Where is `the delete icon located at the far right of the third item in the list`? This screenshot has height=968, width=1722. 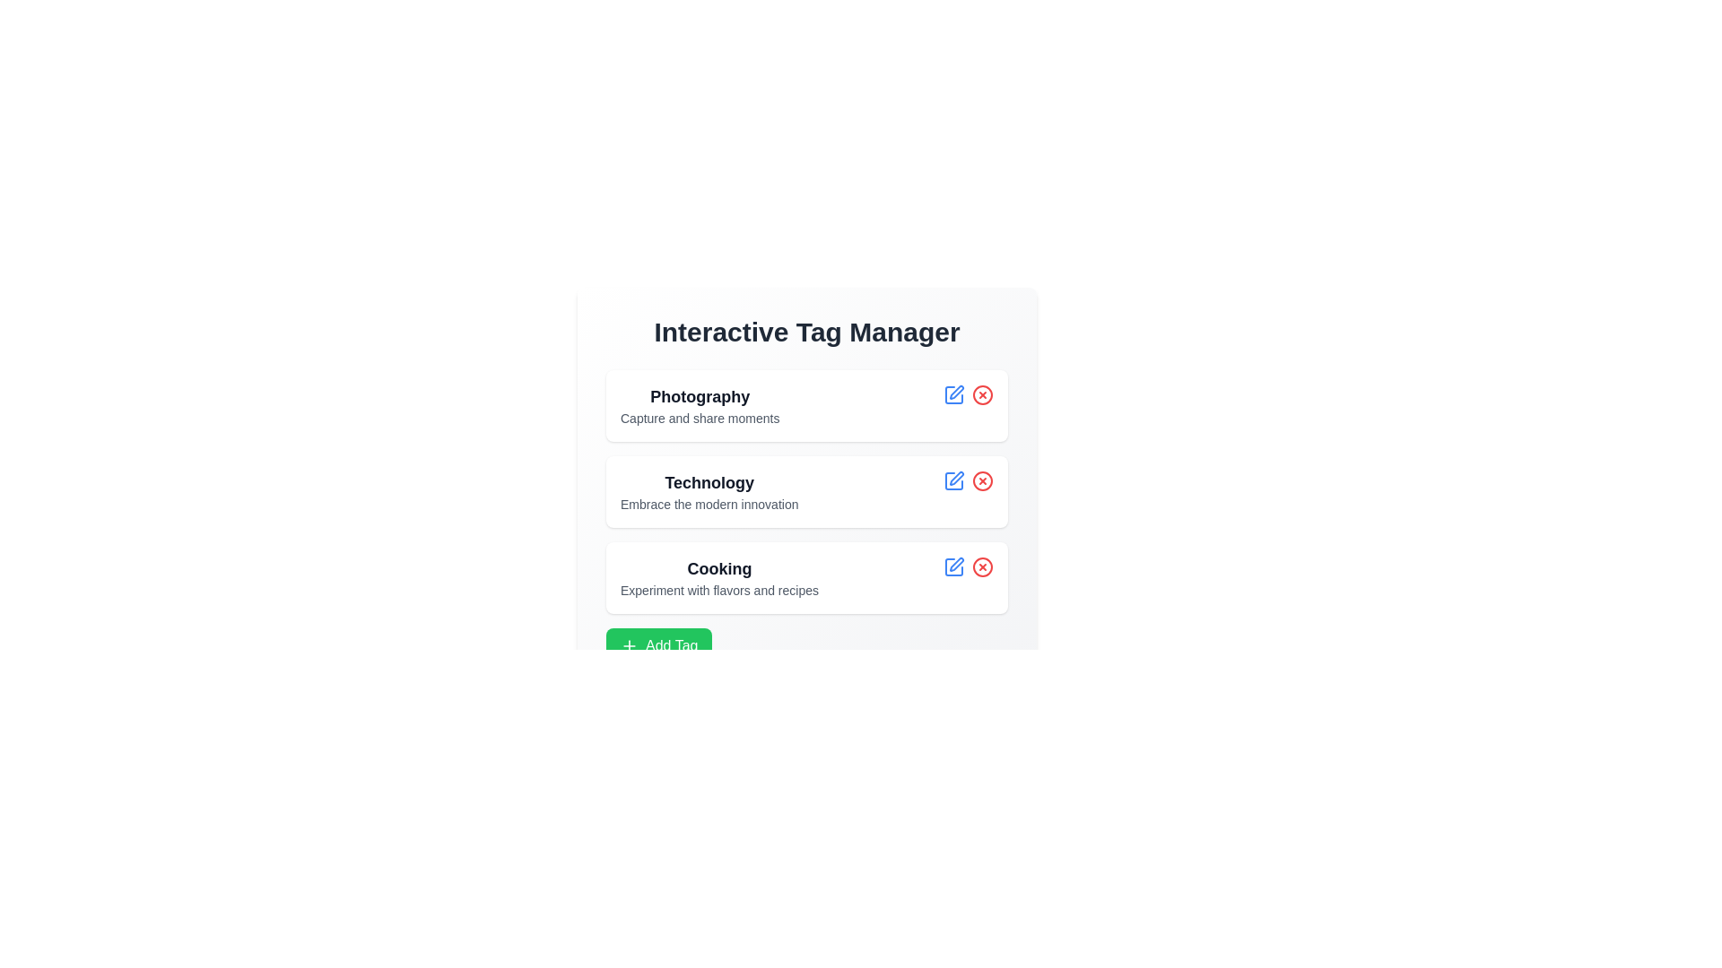
the delete icon located at the far right of the third item in the list is located at coordinates (981, 566).